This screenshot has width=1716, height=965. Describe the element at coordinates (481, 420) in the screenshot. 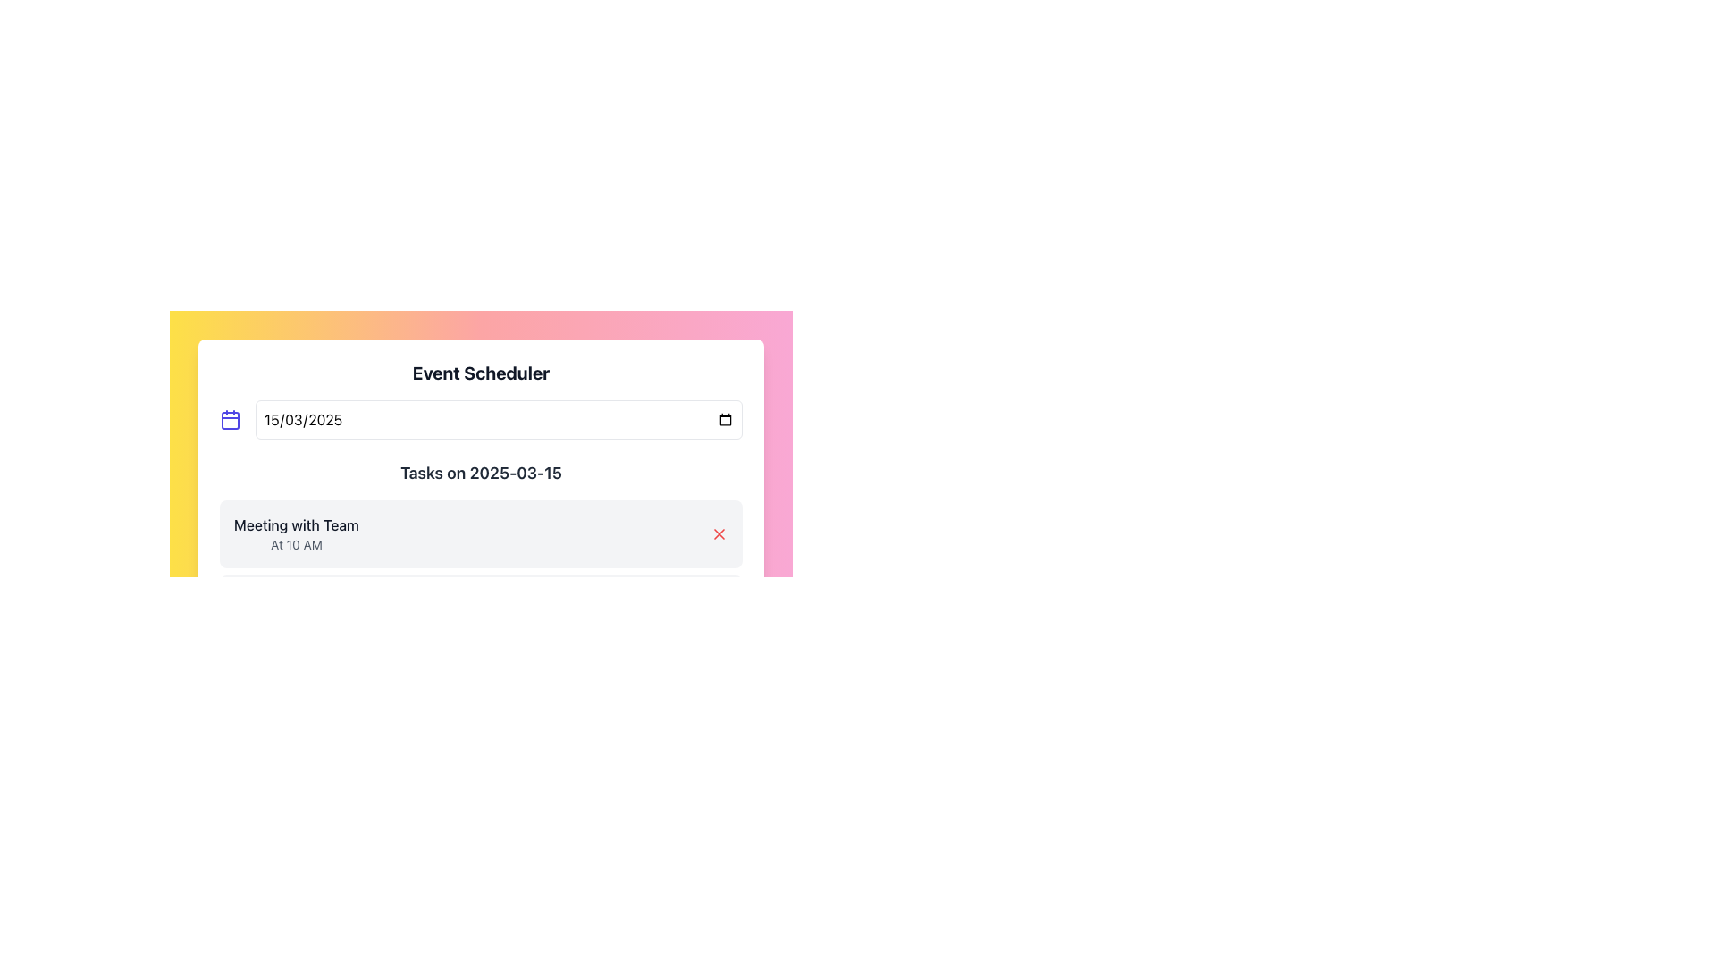

I see `the calendar button on the Date Picker, which is positioned to the right of the date input field displaying '15/03/2025'` at that location.